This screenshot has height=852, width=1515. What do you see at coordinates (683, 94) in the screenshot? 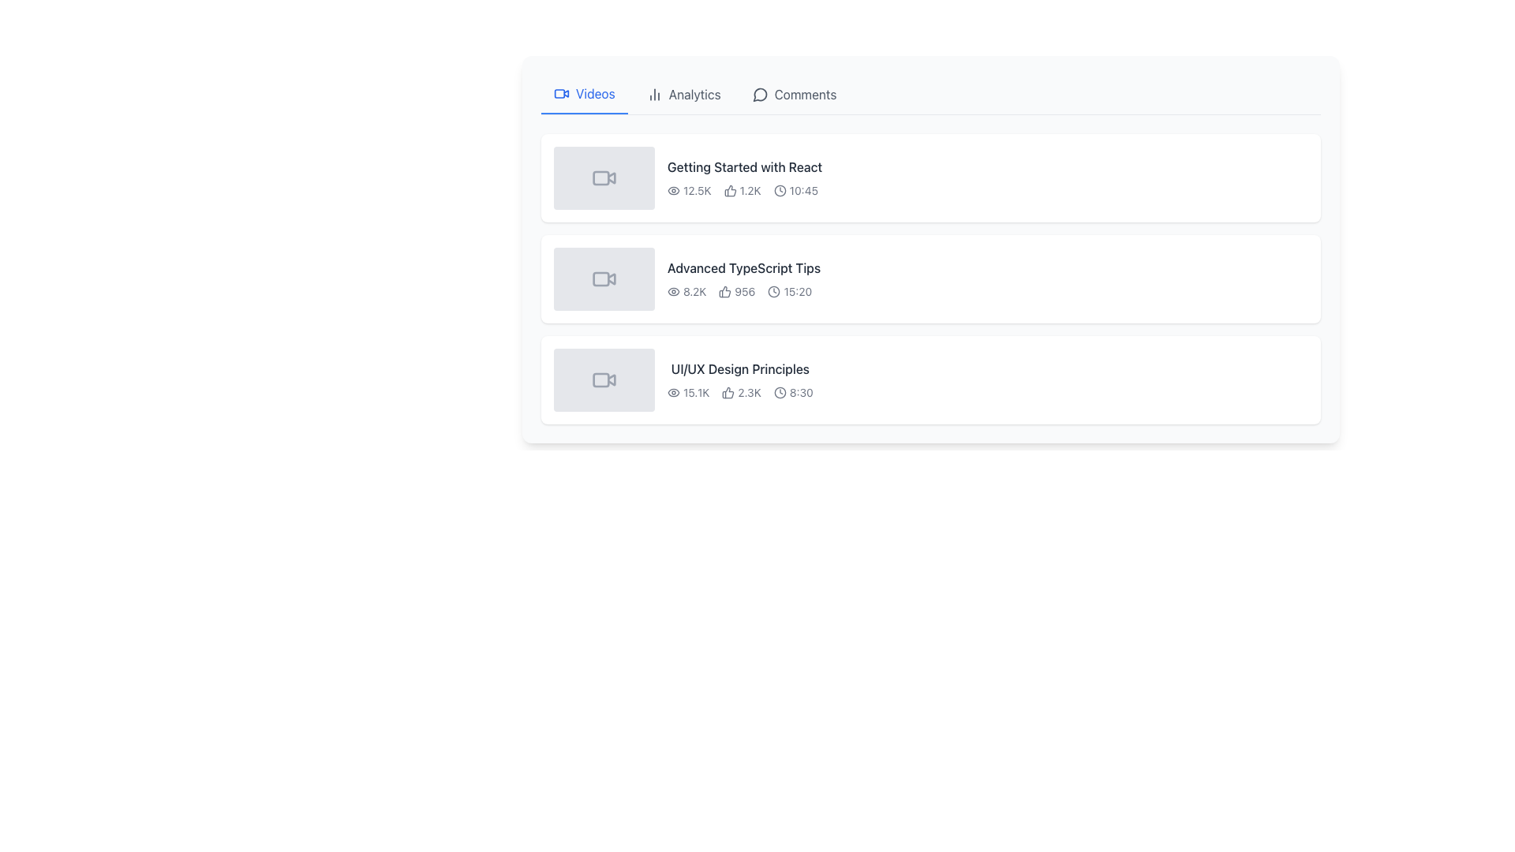
I see `the Navigation Button located between the 'Videos' and 'Comments' buttons in the upper middle section of the interface` at bounding box center [683, 94].